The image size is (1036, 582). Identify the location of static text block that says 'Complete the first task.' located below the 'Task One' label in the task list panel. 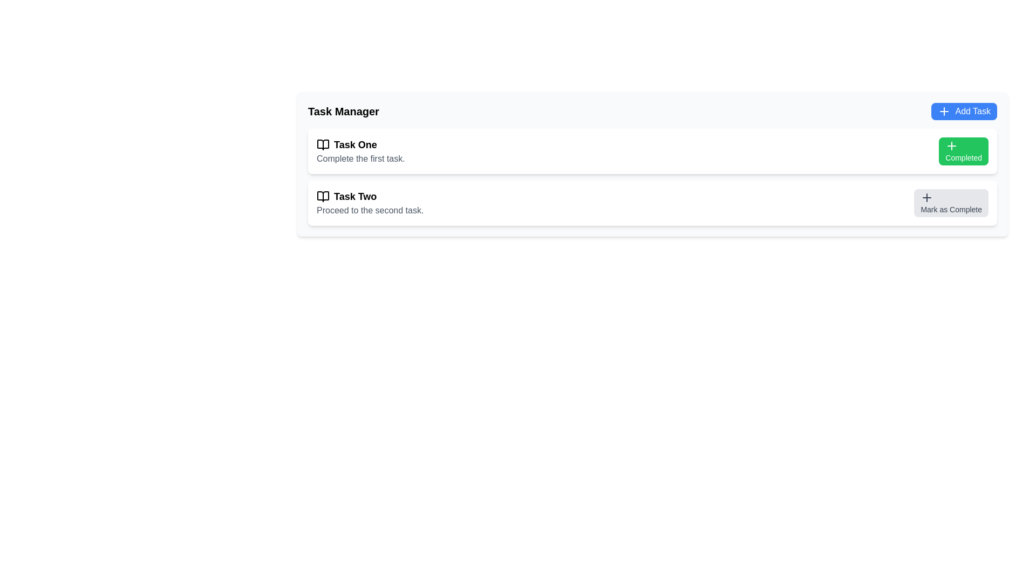
(360, 158).